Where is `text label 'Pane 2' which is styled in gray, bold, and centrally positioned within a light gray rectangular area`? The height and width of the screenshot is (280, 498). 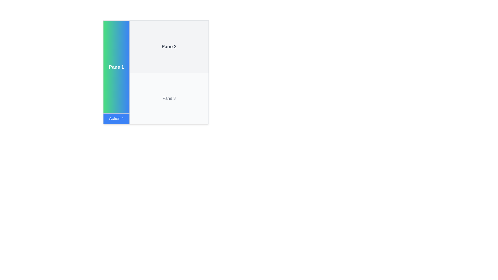 text label 'Pane 2' which is styled in gray, bold, and centrally positioned within a light gray rectangular area is located at coordinates (169, 47).